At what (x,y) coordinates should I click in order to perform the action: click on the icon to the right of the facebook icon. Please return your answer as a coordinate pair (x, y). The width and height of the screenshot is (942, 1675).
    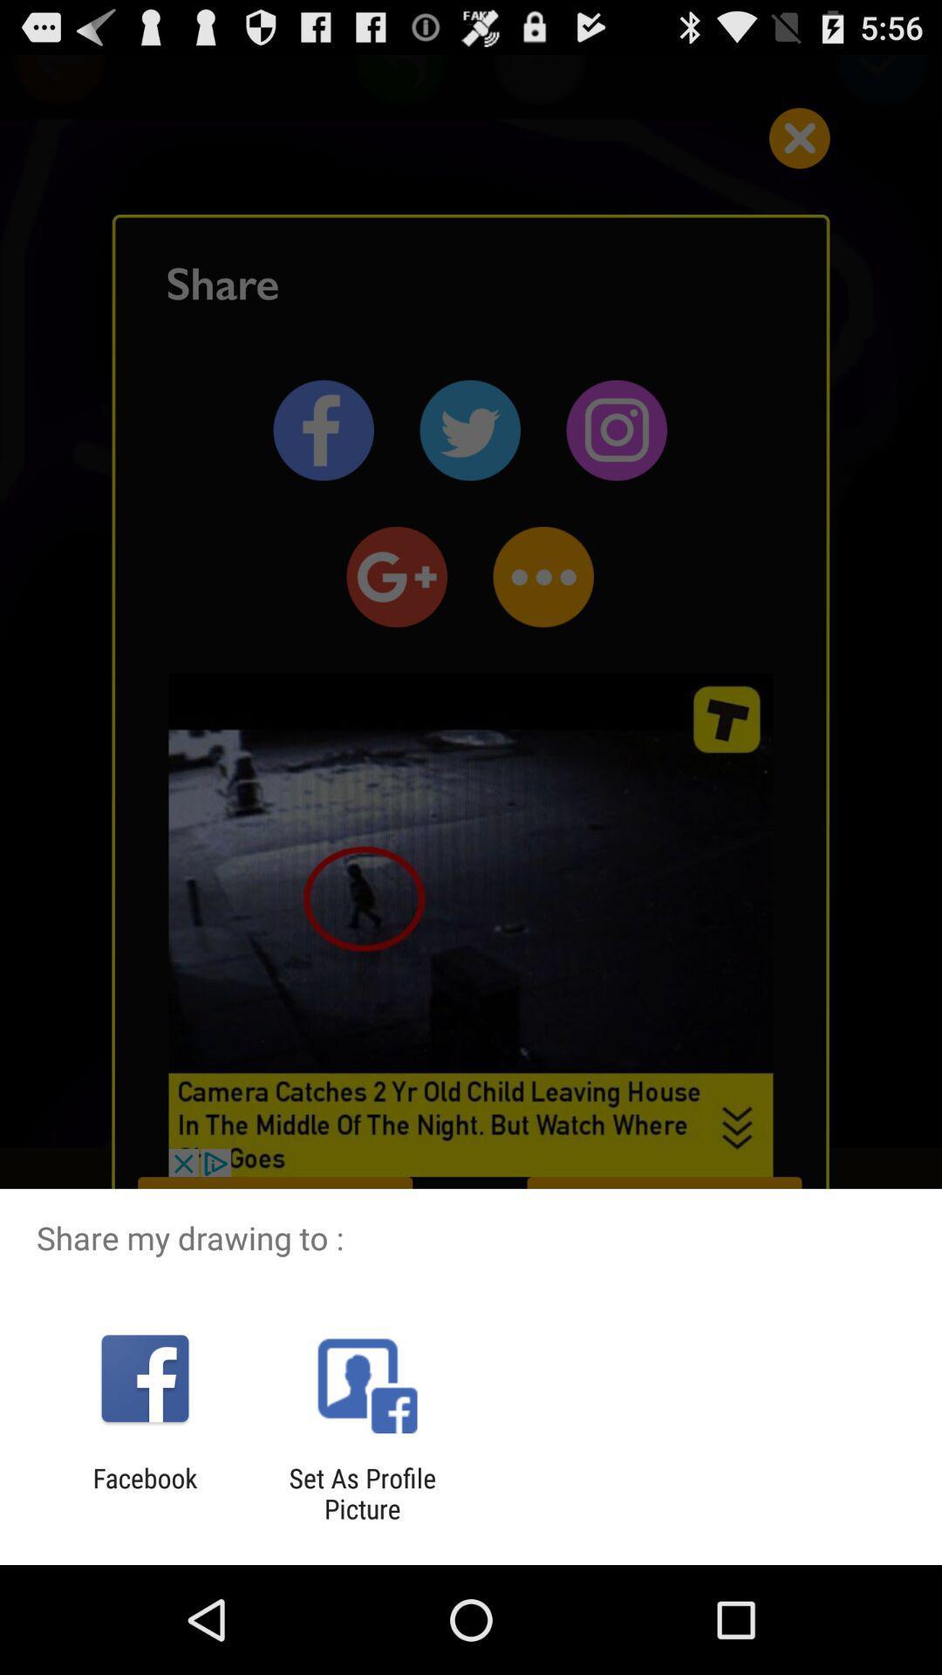
    Looking at the image, I should click on (361, 1493).